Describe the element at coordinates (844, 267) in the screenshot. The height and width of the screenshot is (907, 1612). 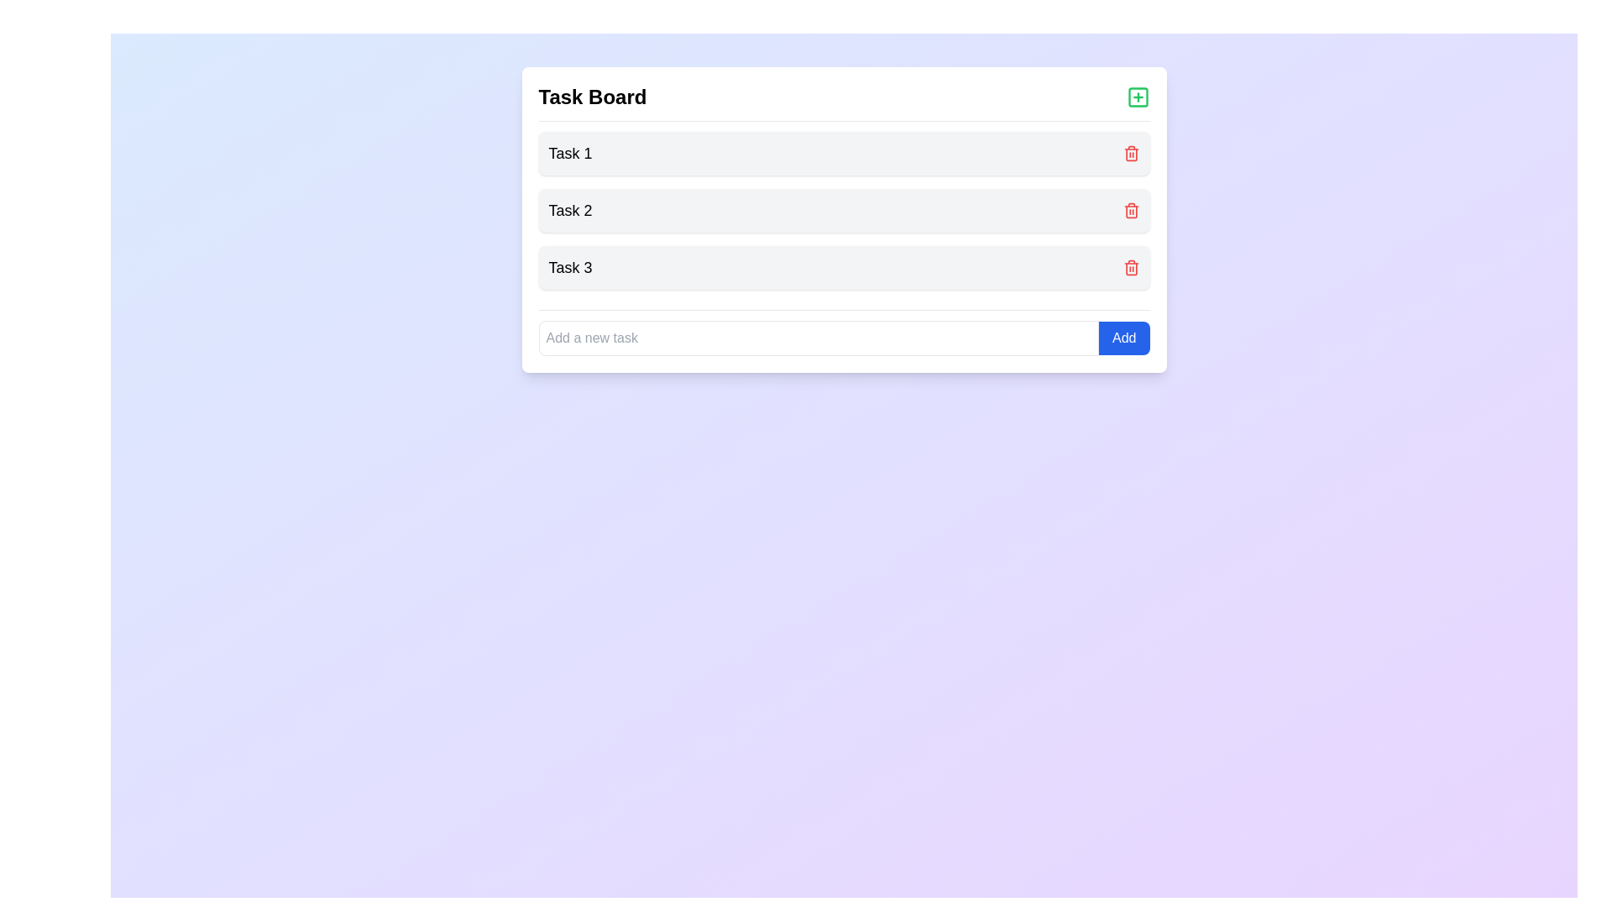
I see `the third task item labeled 'Task 3' in the 'Task Board'` at that location.